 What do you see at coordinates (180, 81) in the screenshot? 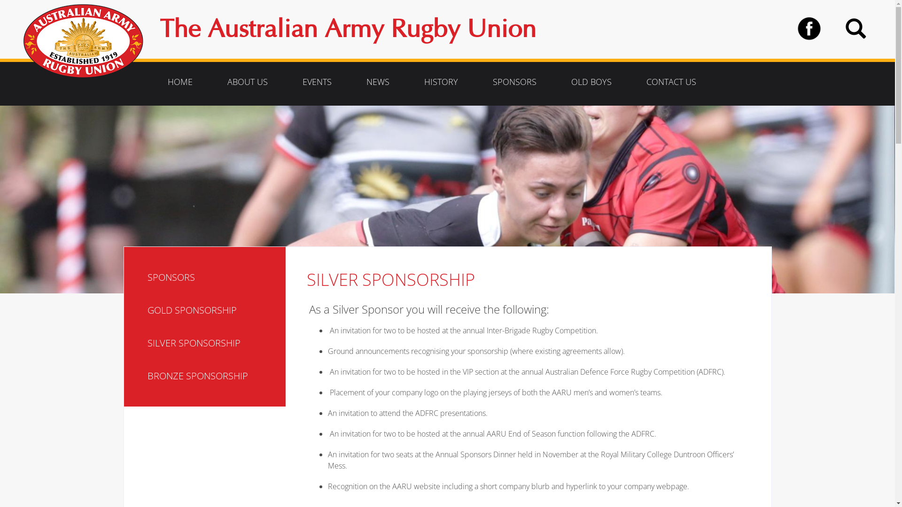
I see `'HOME'` at bounding box center [180, 81].